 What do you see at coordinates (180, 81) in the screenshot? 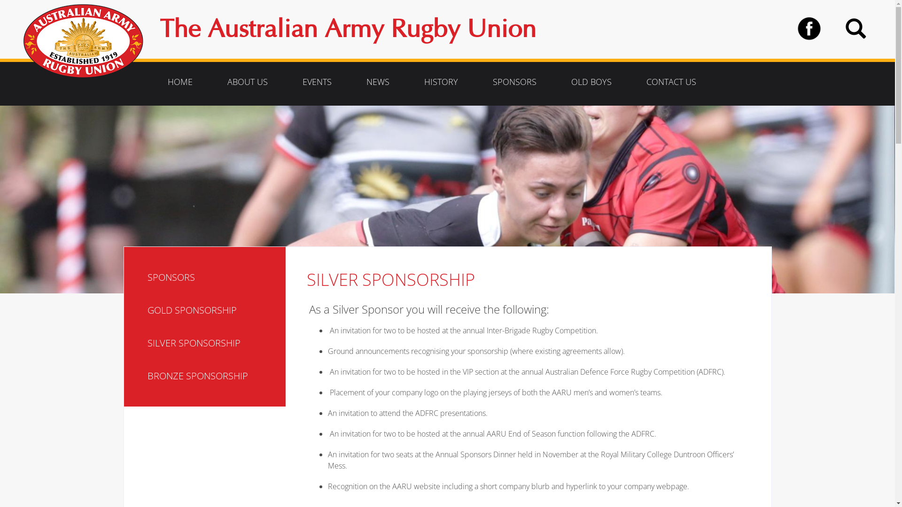
I see `'HOME'` at bounding box center [180, 81].